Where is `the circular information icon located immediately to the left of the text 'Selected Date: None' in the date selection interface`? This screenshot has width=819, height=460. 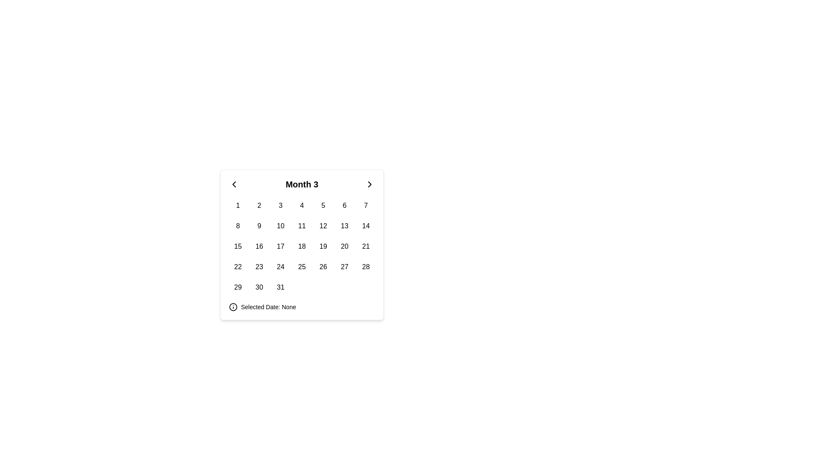 the circular information icon located immediately to the left of the text 'Selected Date: None' in the date selection interface is located at coordinates (233, 307).